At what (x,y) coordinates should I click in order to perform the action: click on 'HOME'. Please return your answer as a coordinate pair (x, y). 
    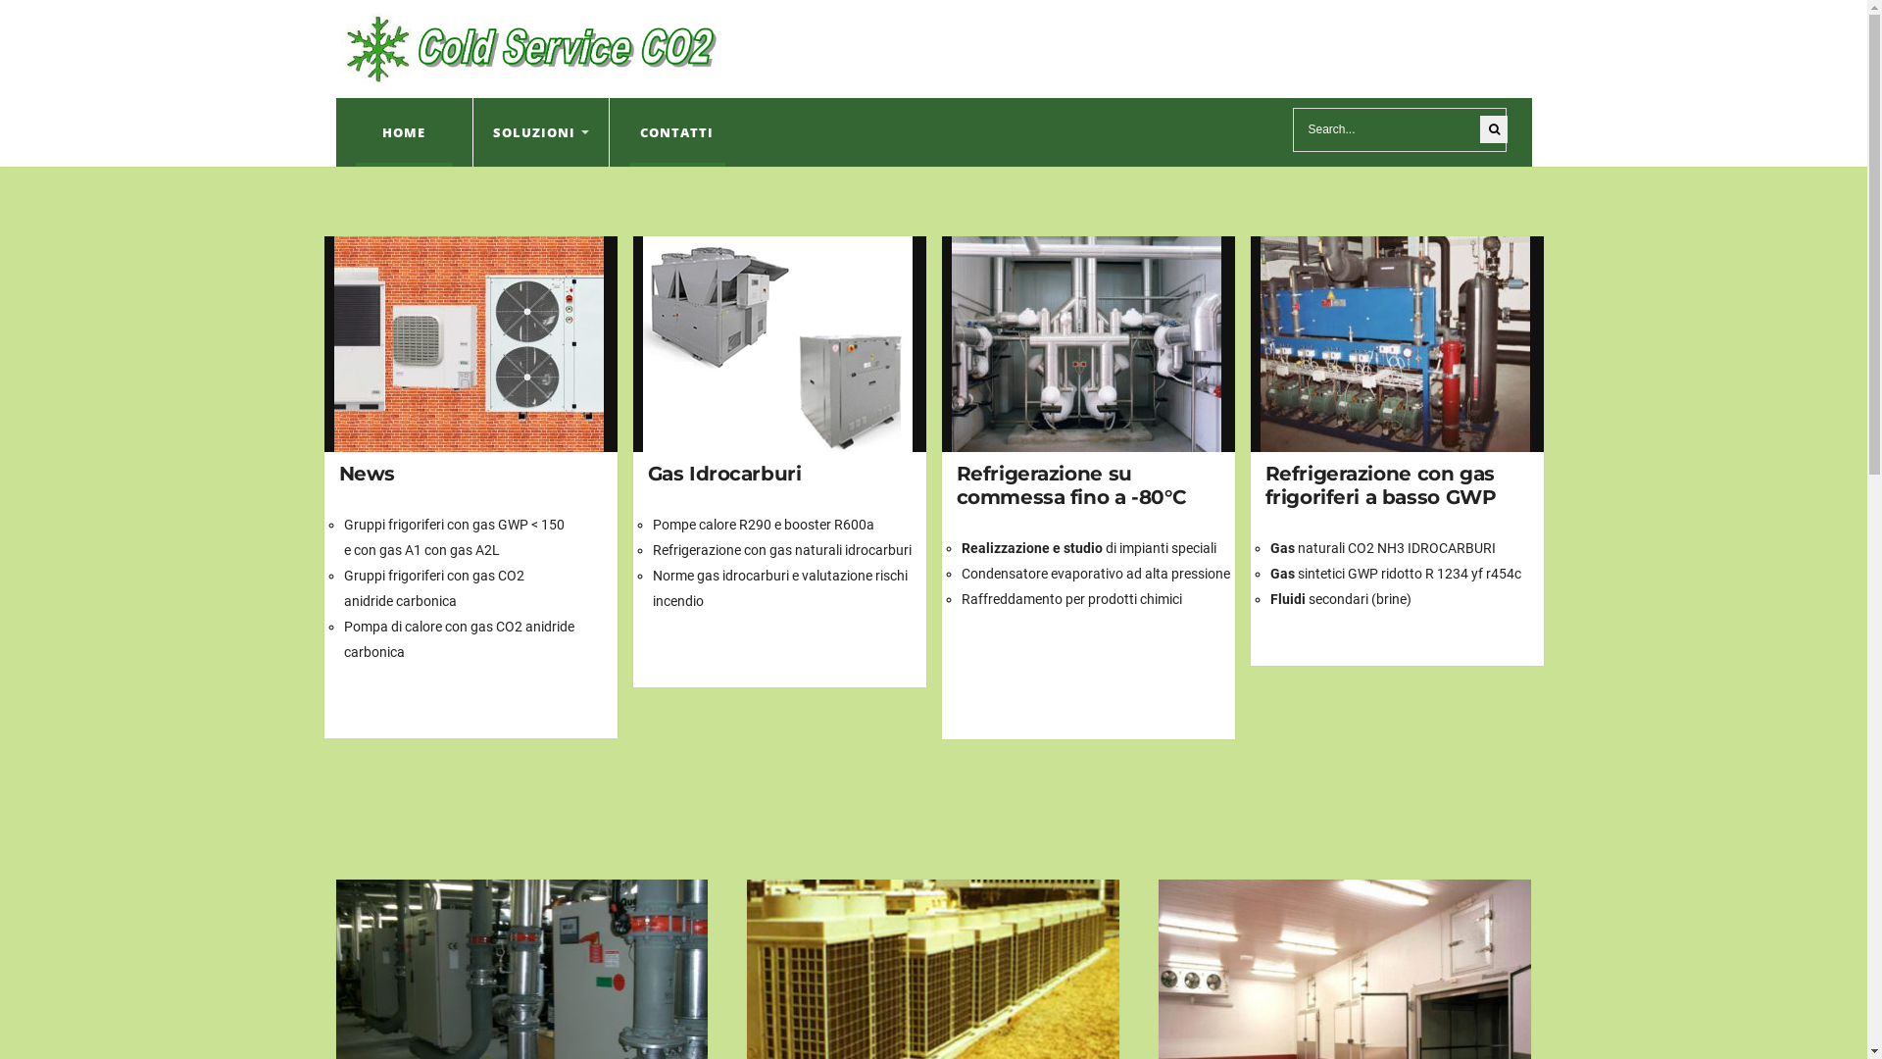
    Looking at the image, I should click on (402, 132).